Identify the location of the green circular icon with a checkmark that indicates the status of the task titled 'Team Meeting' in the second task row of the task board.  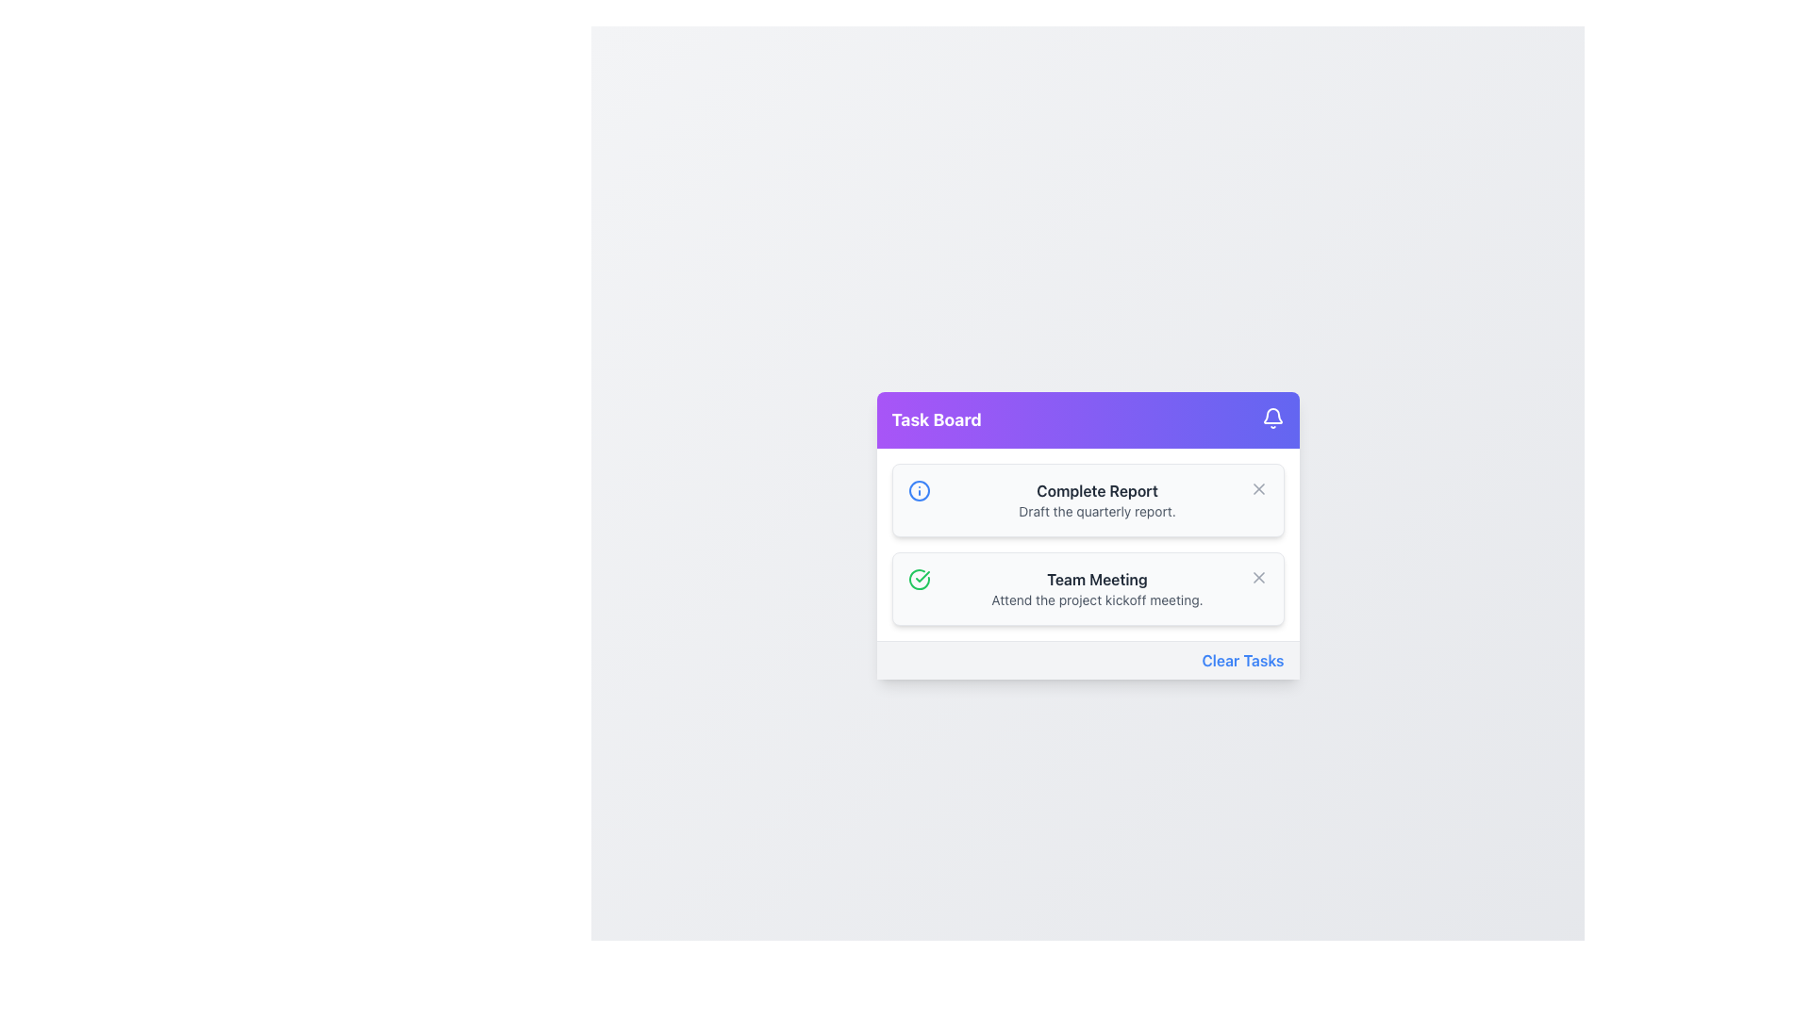
(919, 578).